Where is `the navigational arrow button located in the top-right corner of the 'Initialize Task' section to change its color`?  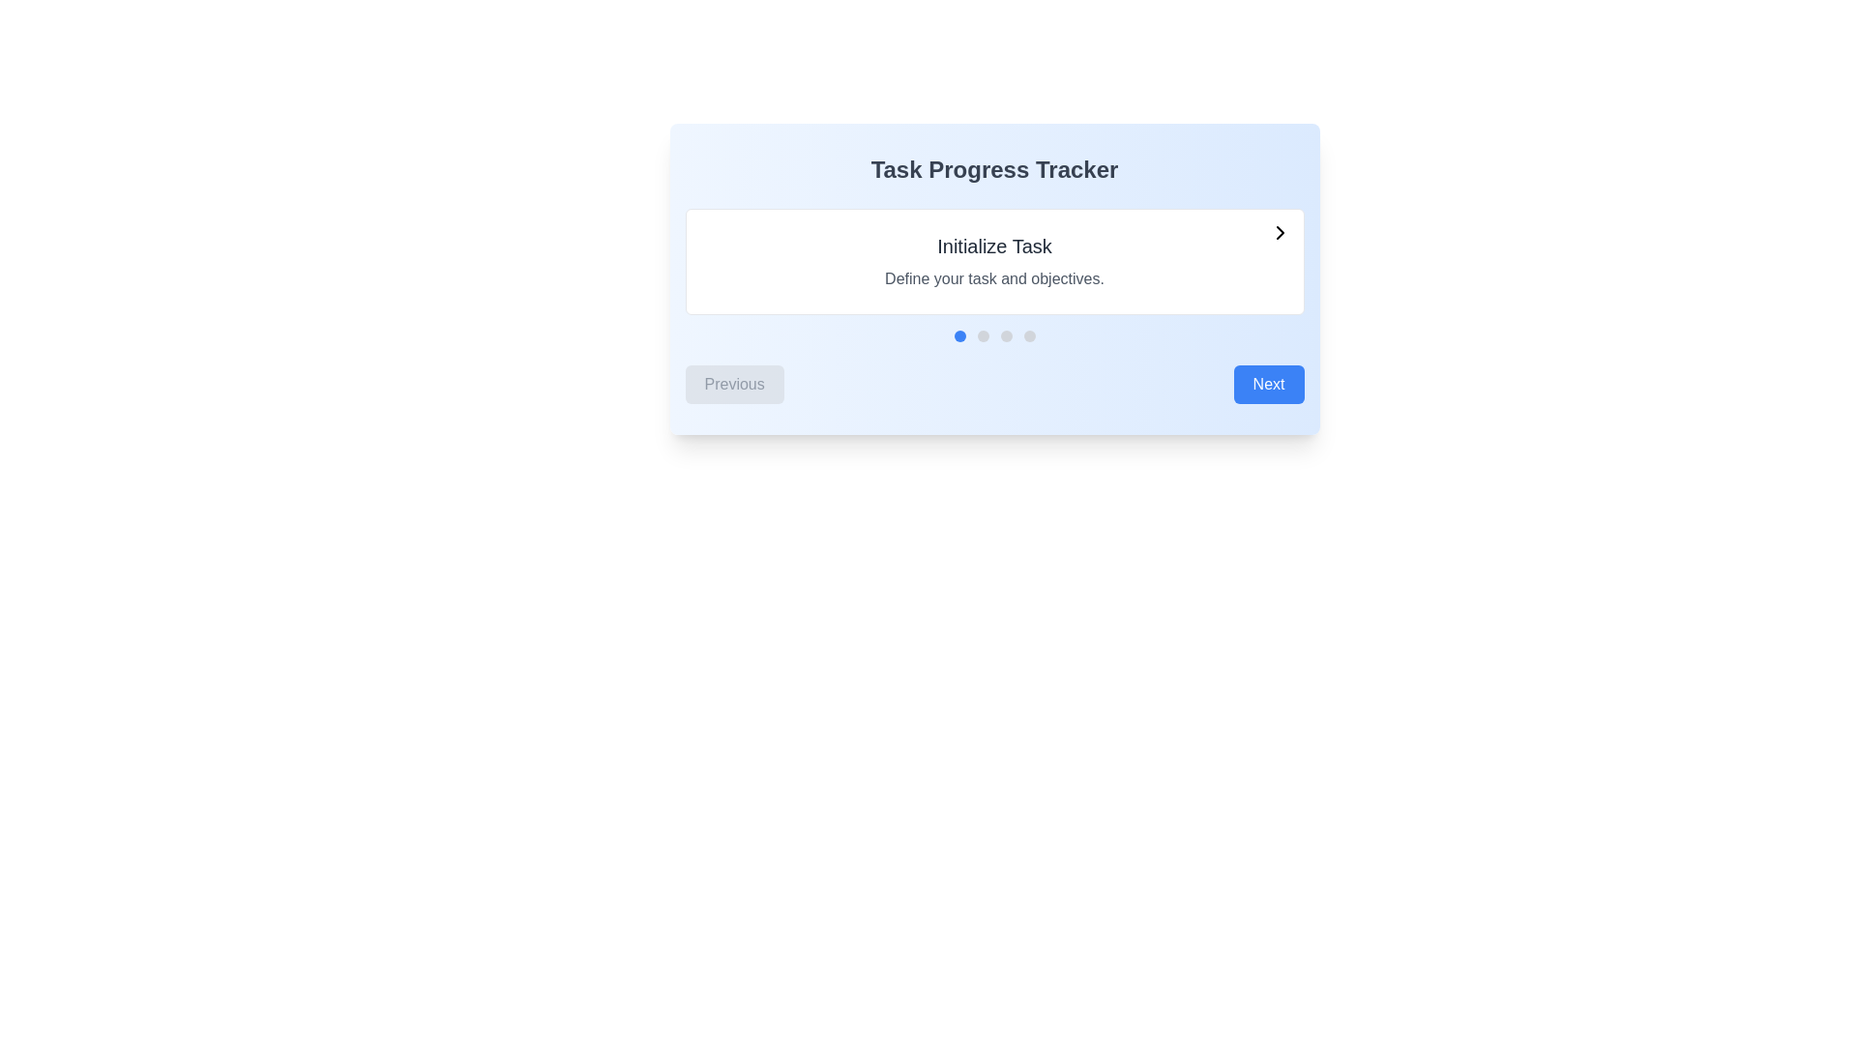
the navigational arrow button located in the top-right corner of the 'Initialize Task' section to change its color is located at coordinates (1280, 231).